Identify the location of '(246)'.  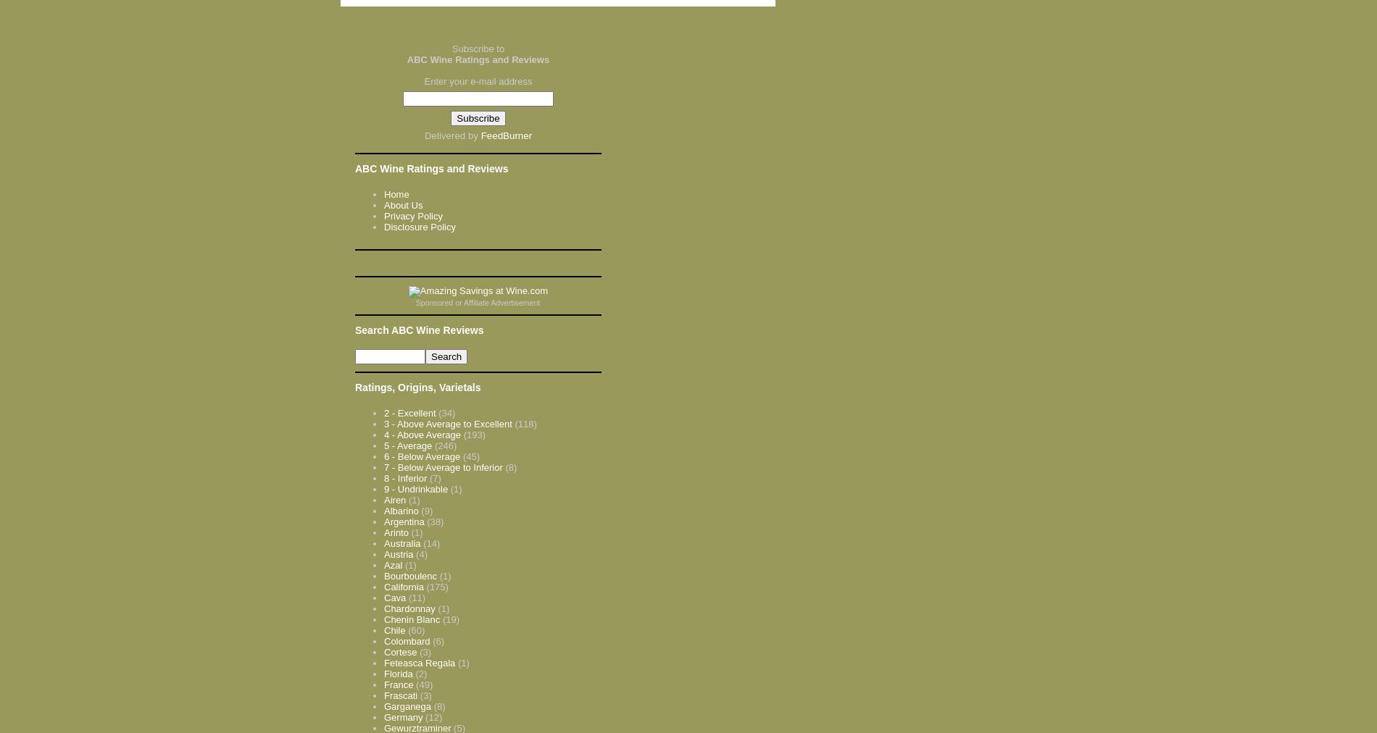
(445, 444).